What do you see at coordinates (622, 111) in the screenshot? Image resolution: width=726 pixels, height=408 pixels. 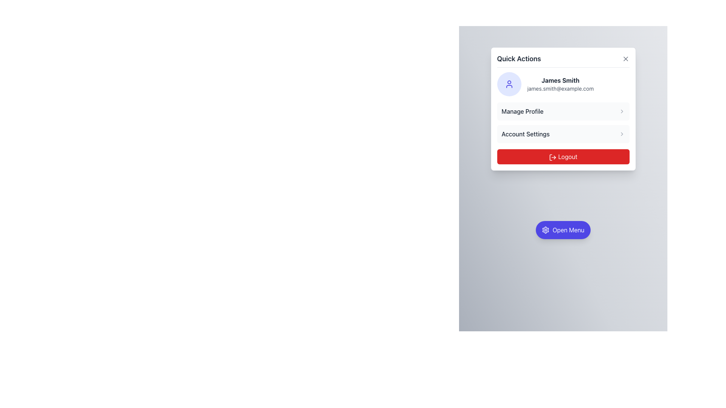 I see `the chevron icon located to the far right of the 'Manage Profile' menu item in the Quick Actions menu, indicating additional options or navigation` at bounding box center [622, 111].